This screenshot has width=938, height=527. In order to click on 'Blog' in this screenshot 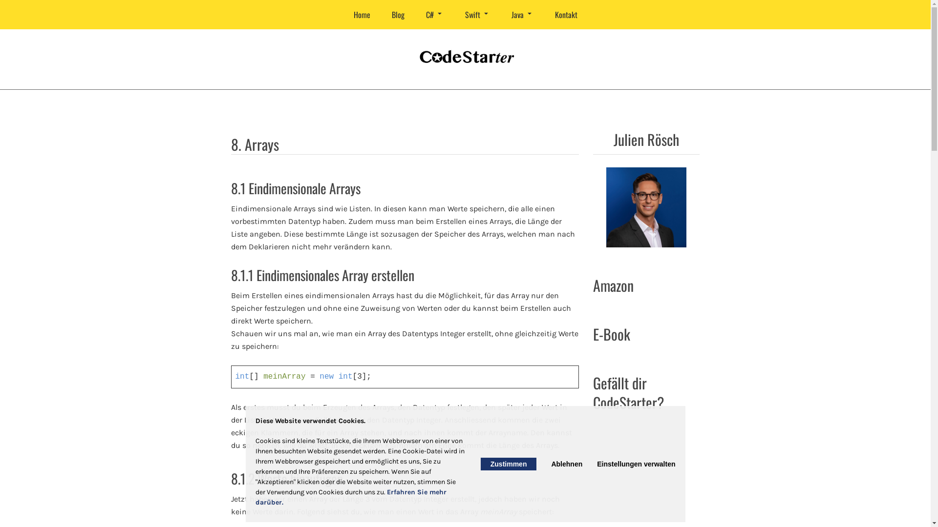, I will do `click(382, 15)`.